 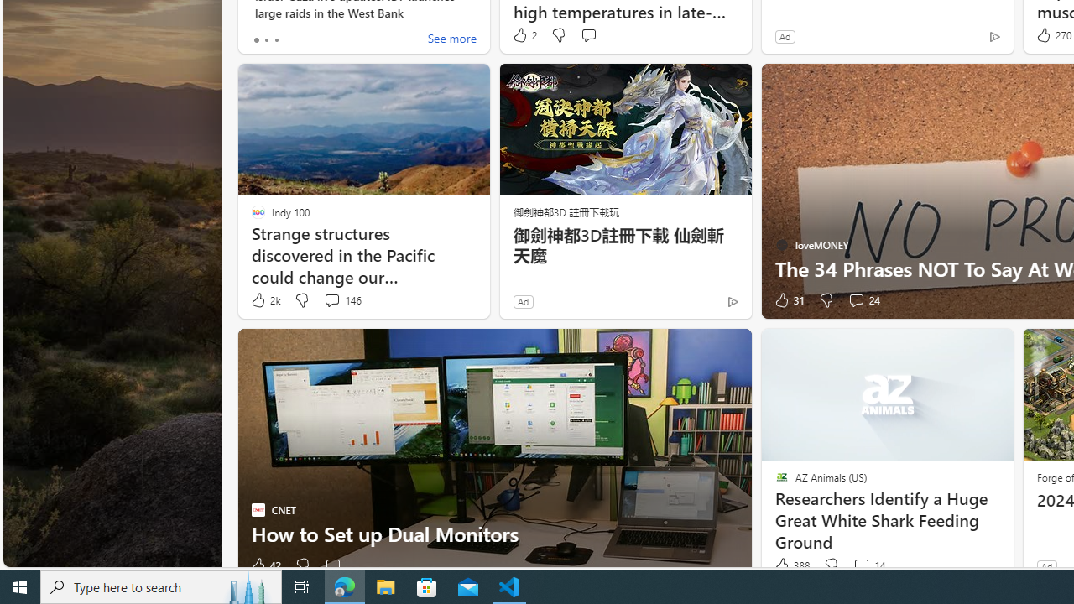 What do you see at coordinates (341, 299) in the screenshot?
I see `'View comments 146 Comment'` at bounding box center [341, 299].